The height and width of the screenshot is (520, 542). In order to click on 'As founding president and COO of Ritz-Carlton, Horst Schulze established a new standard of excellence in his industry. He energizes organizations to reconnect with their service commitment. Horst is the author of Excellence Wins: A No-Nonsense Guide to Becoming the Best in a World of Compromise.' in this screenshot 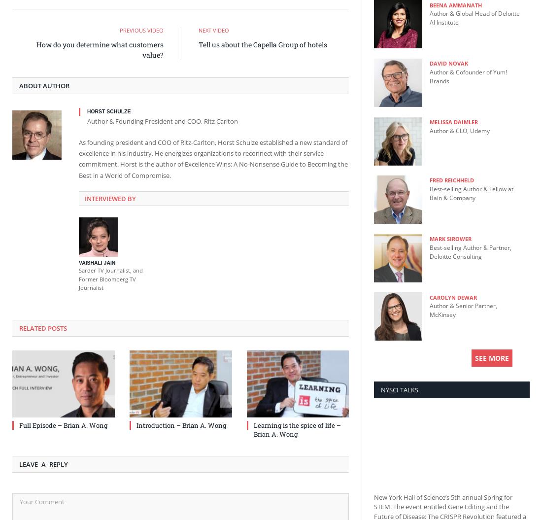, I will do `click(212, 158)`.